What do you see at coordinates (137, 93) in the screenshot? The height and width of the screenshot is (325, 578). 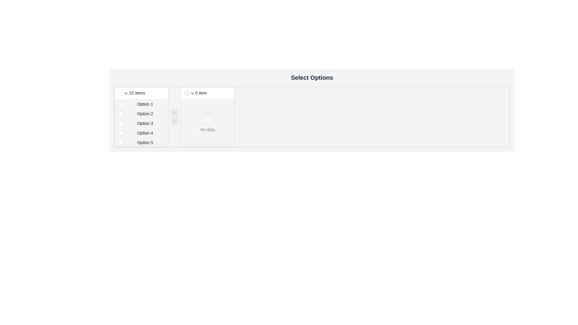 I see `the Static Text Label that indicates the number of selected items in the transfer list, positioned in the header to the right of the checkbox and dropdown icon` at bounding box center [137, 93].